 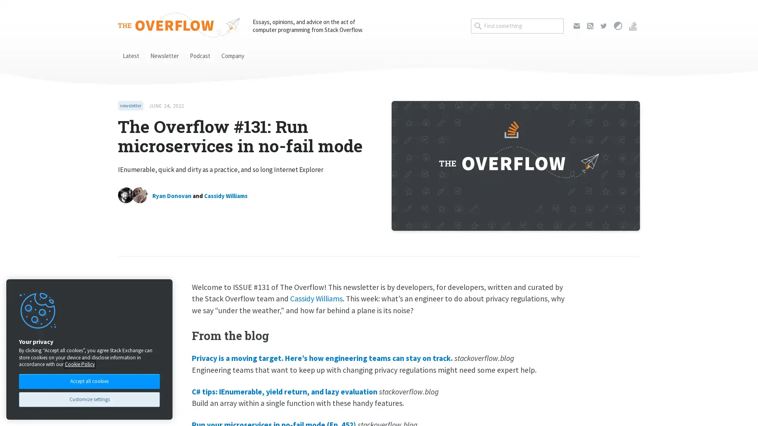 I want to click on Search, so click(x=563, y=18).